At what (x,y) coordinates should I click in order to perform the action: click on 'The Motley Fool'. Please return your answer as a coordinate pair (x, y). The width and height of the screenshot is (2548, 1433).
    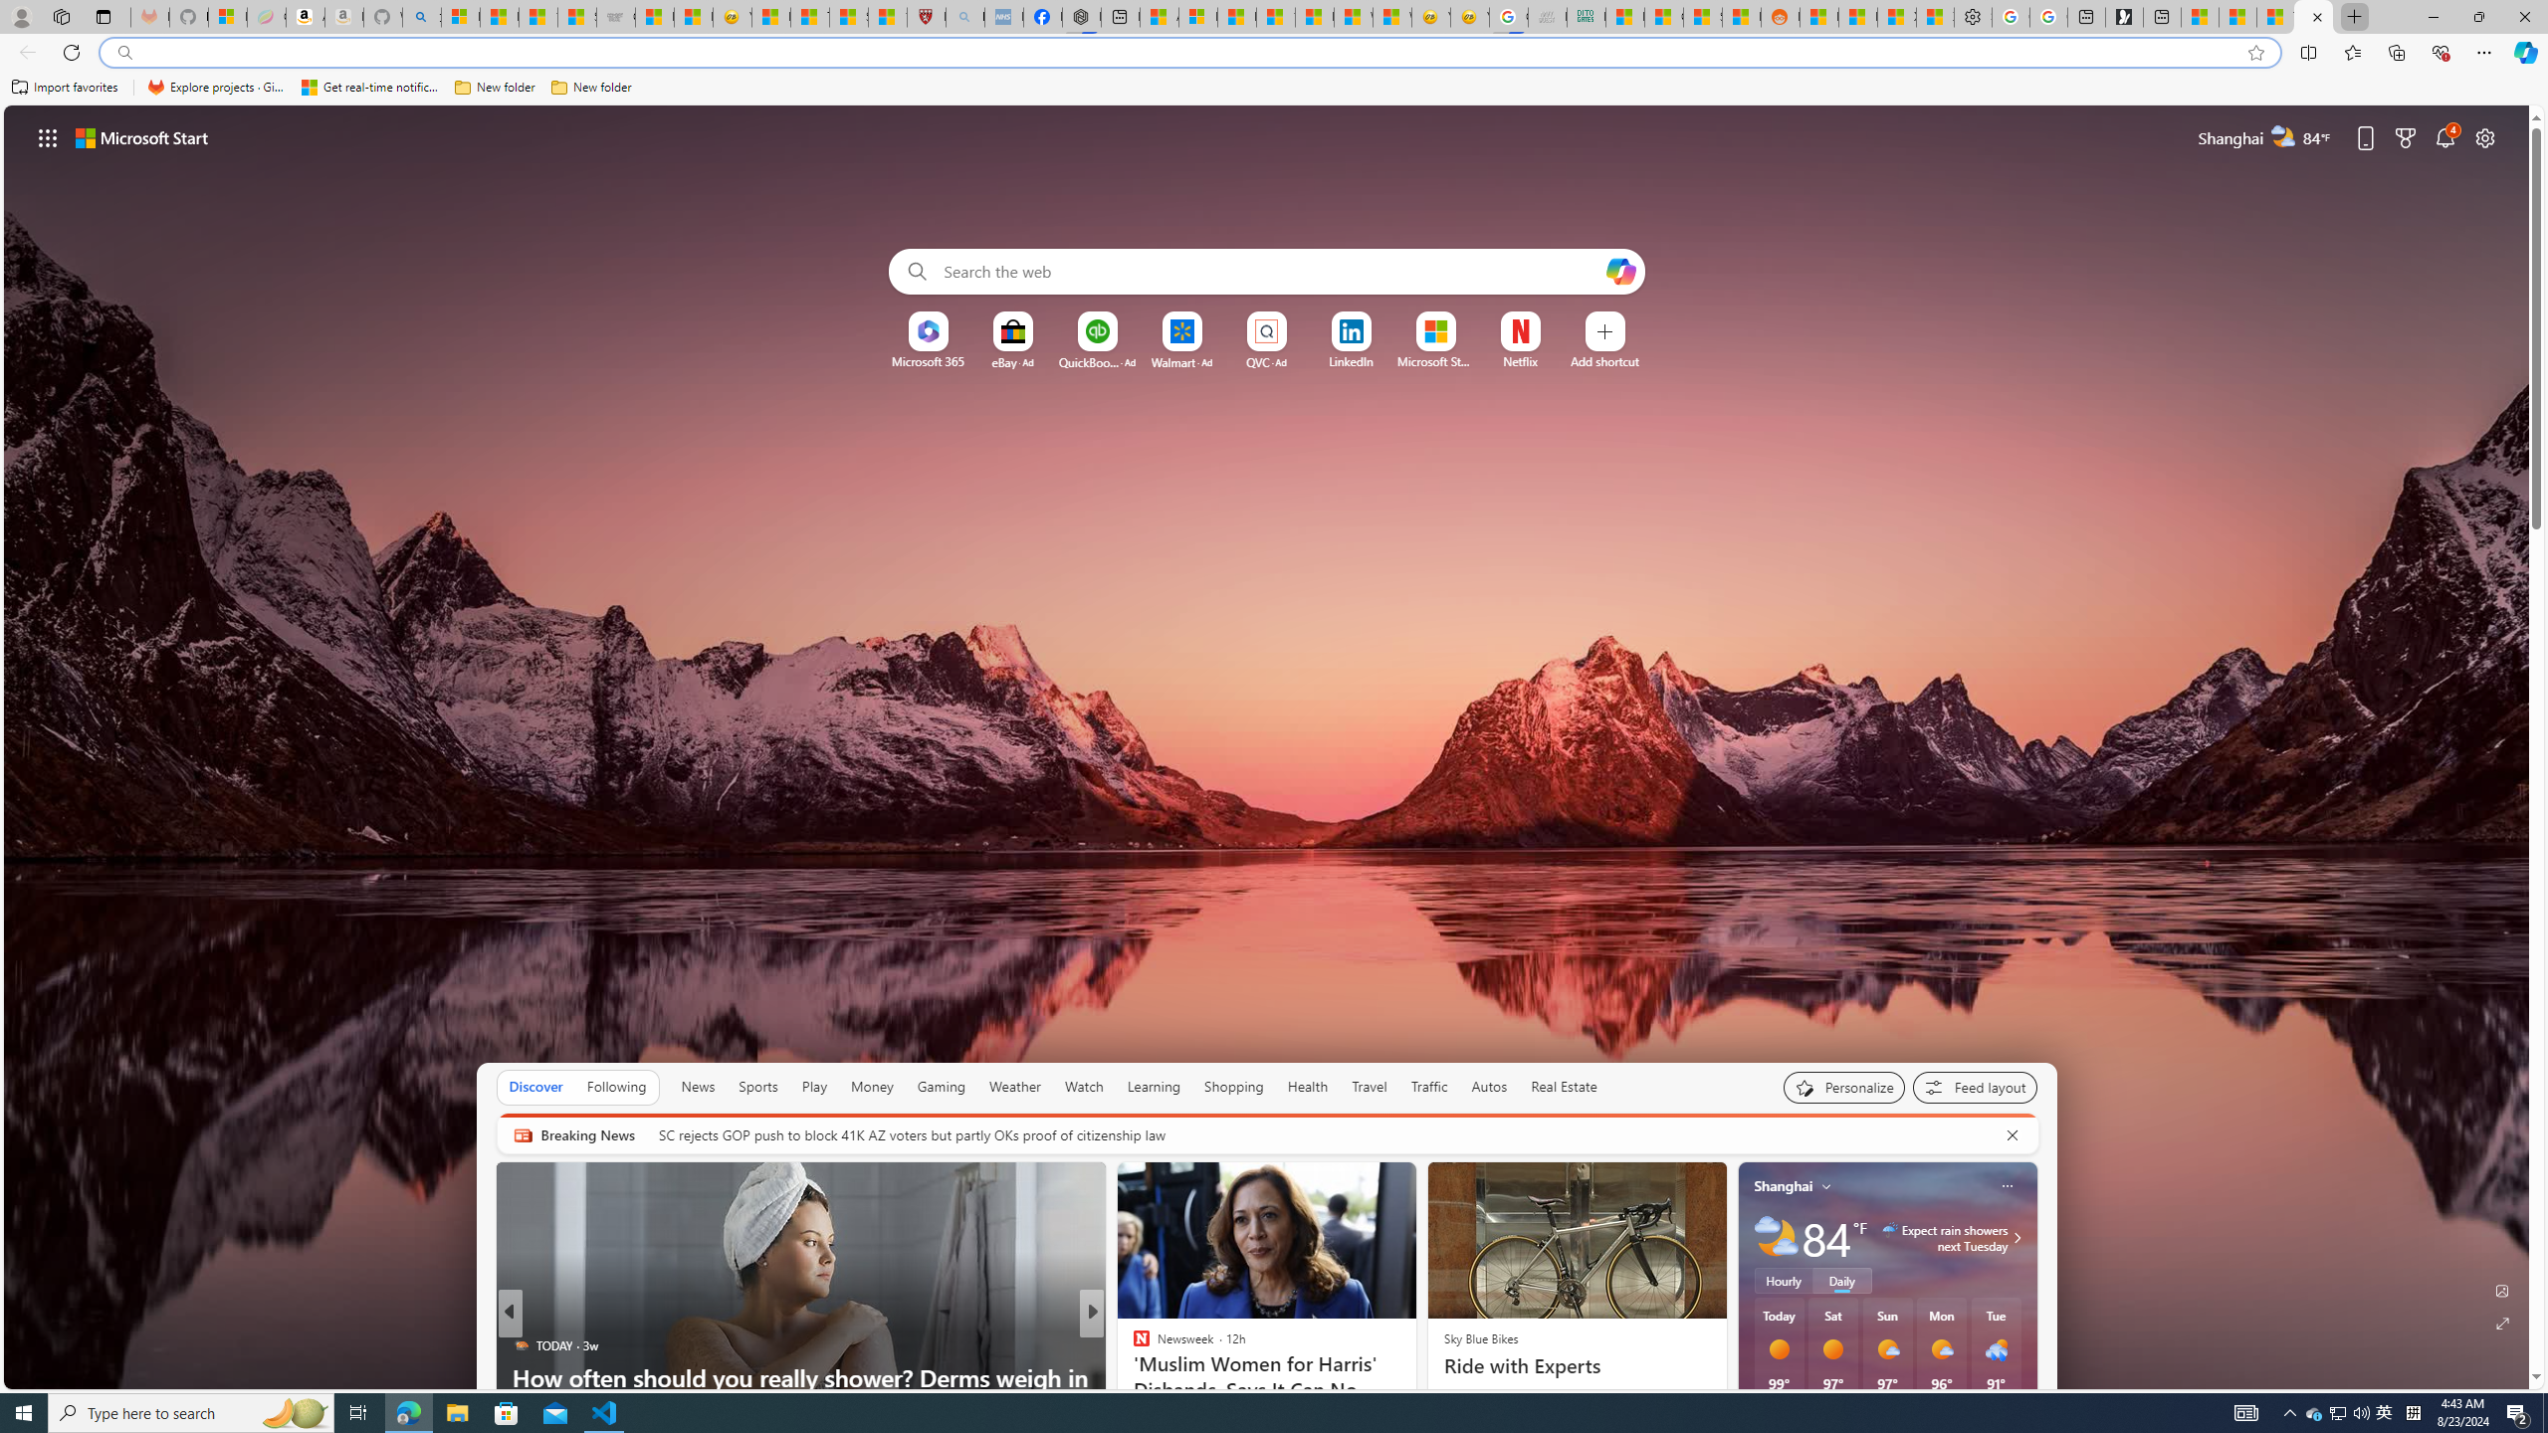
    Looking at the image, I should click on (1132, 1344).